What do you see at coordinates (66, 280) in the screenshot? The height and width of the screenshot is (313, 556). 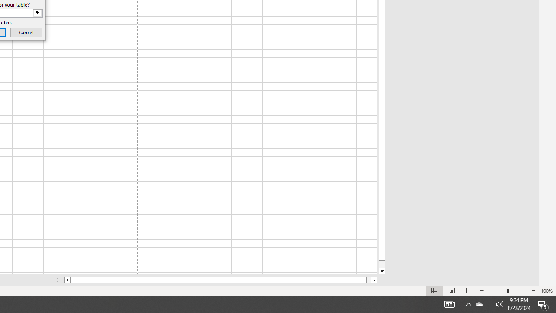 I see `'Column left'` at bounding box center [66, 280].